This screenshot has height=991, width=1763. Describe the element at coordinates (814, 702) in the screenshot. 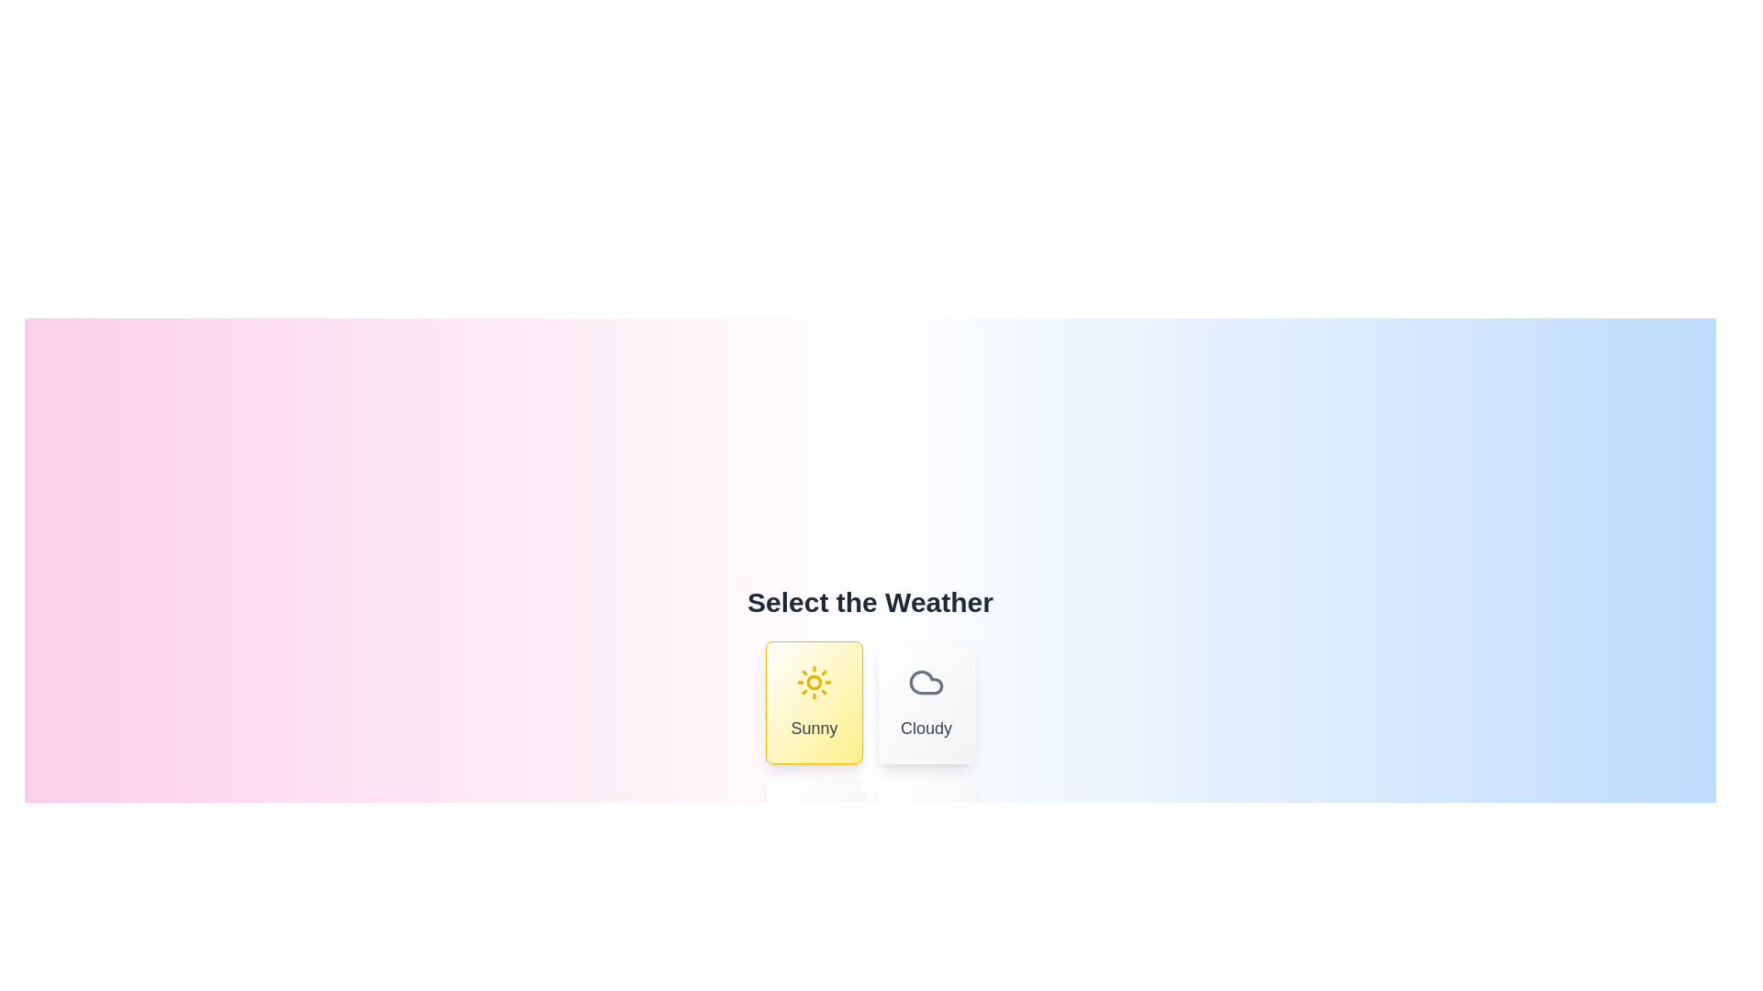

I see `the 'Sunny' weather condition button` at that location.